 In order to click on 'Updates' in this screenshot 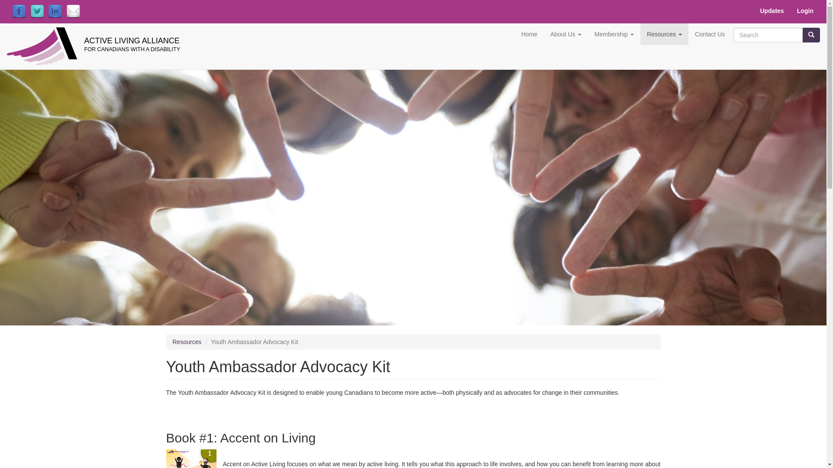, I will do `click(772, 10)`.